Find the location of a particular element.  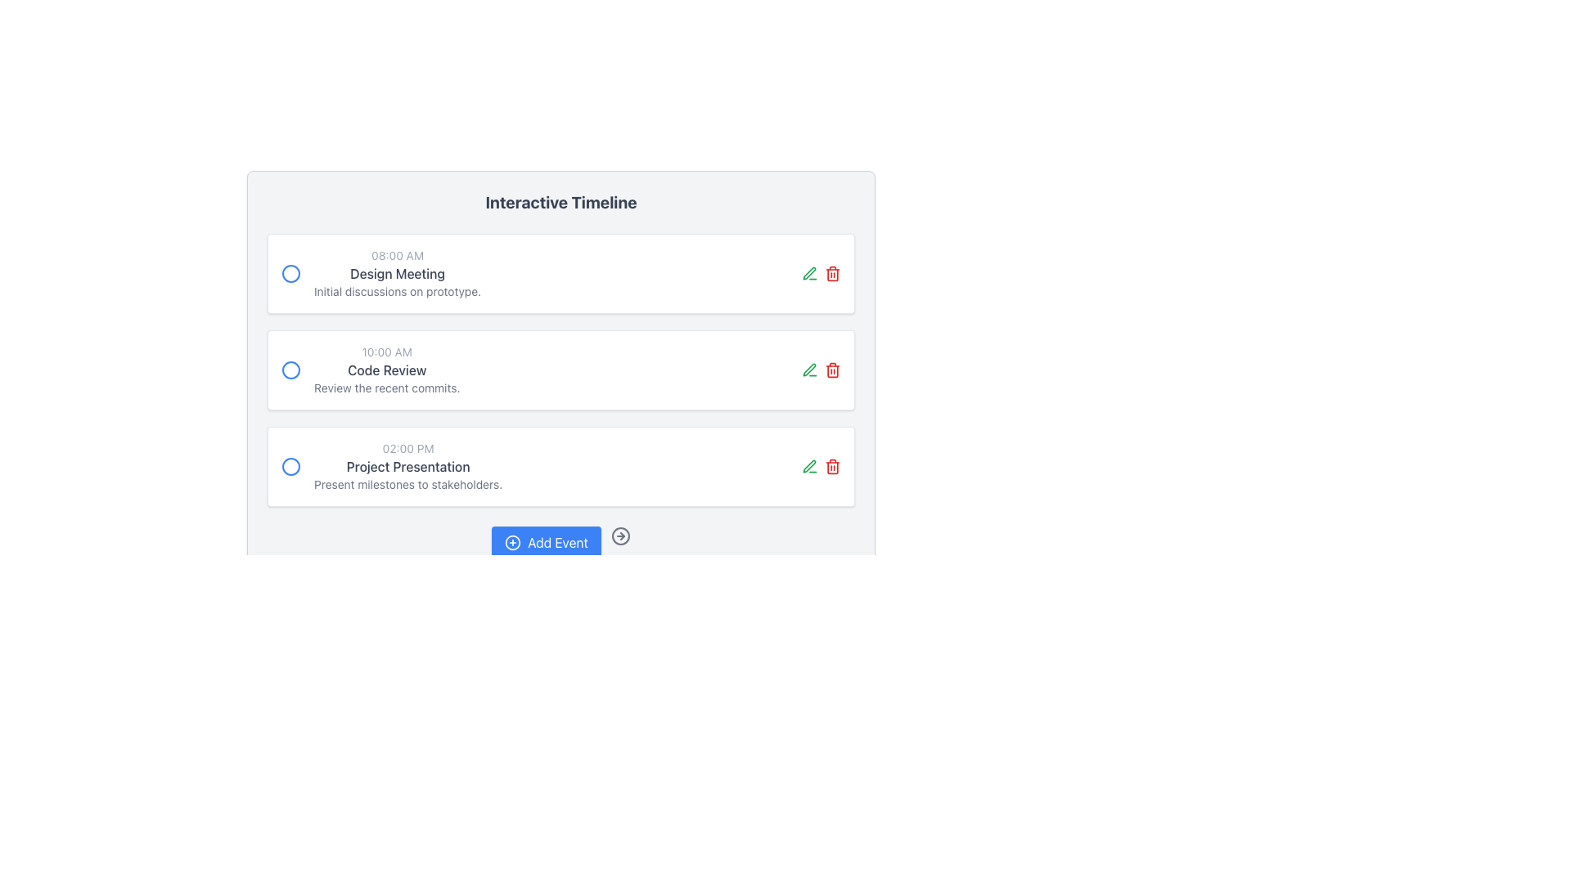

the green pencil icon next to the 'Code Review' event description is located at coordinates (808, 272).